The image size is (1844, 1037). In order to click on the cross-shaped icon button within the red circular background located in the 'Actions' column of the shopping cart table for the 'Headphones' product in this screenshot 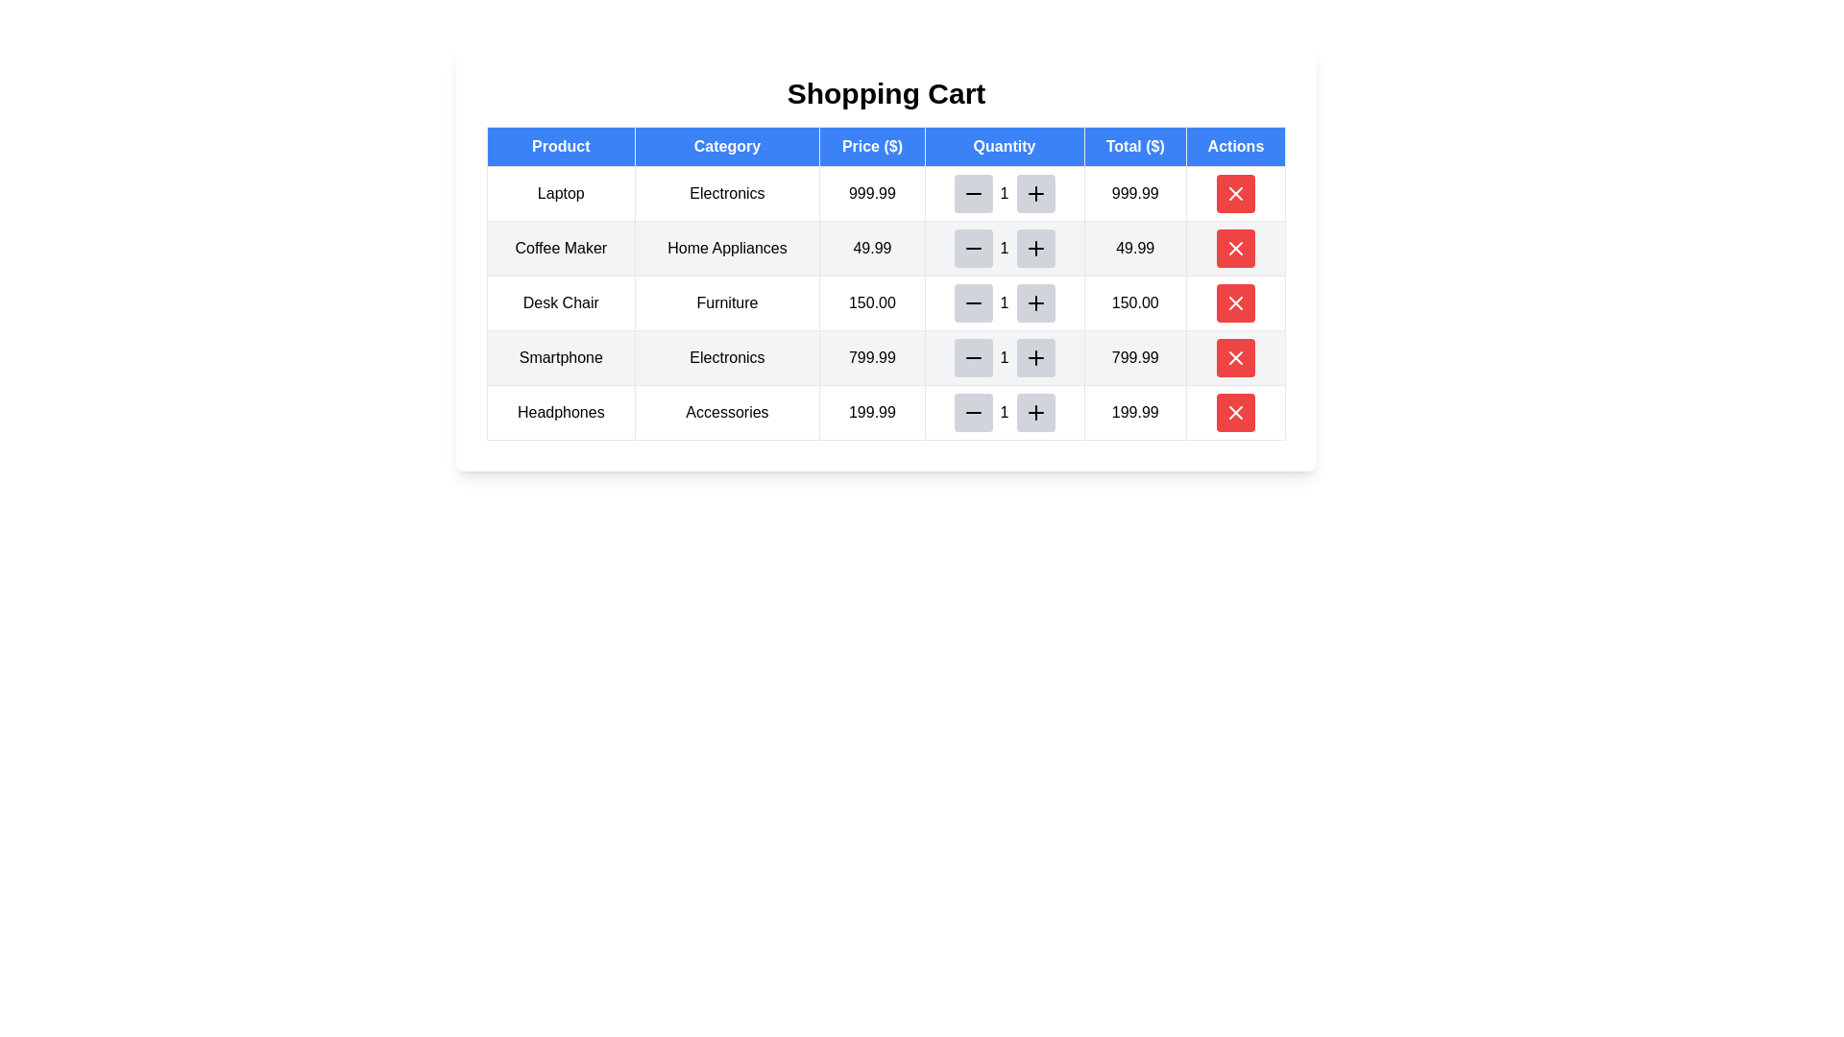, I will do `click(1235, 411)`.